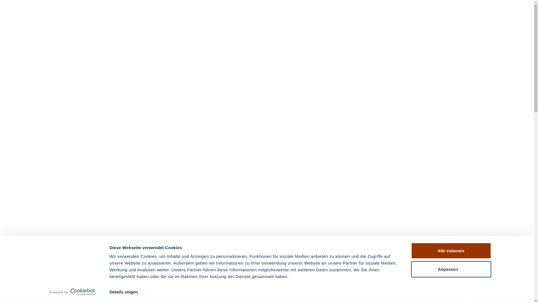 The width and height of the screenshot is (538, 303). I want to click on 'Details zeigen', so click(127, 292).